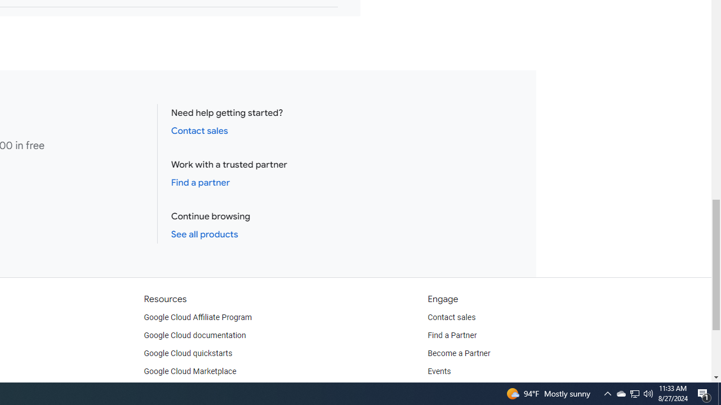 This screenshot has height=405, width=721. I want to click on 'Google Cloud Marketplace', so click(190, 371).